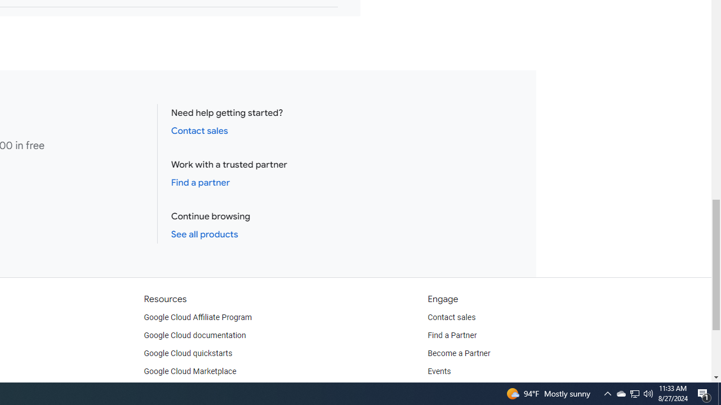 This screenshot has height=405, width=721. I want to click on 'Google Cloud Marketplace', so click(190, 371).